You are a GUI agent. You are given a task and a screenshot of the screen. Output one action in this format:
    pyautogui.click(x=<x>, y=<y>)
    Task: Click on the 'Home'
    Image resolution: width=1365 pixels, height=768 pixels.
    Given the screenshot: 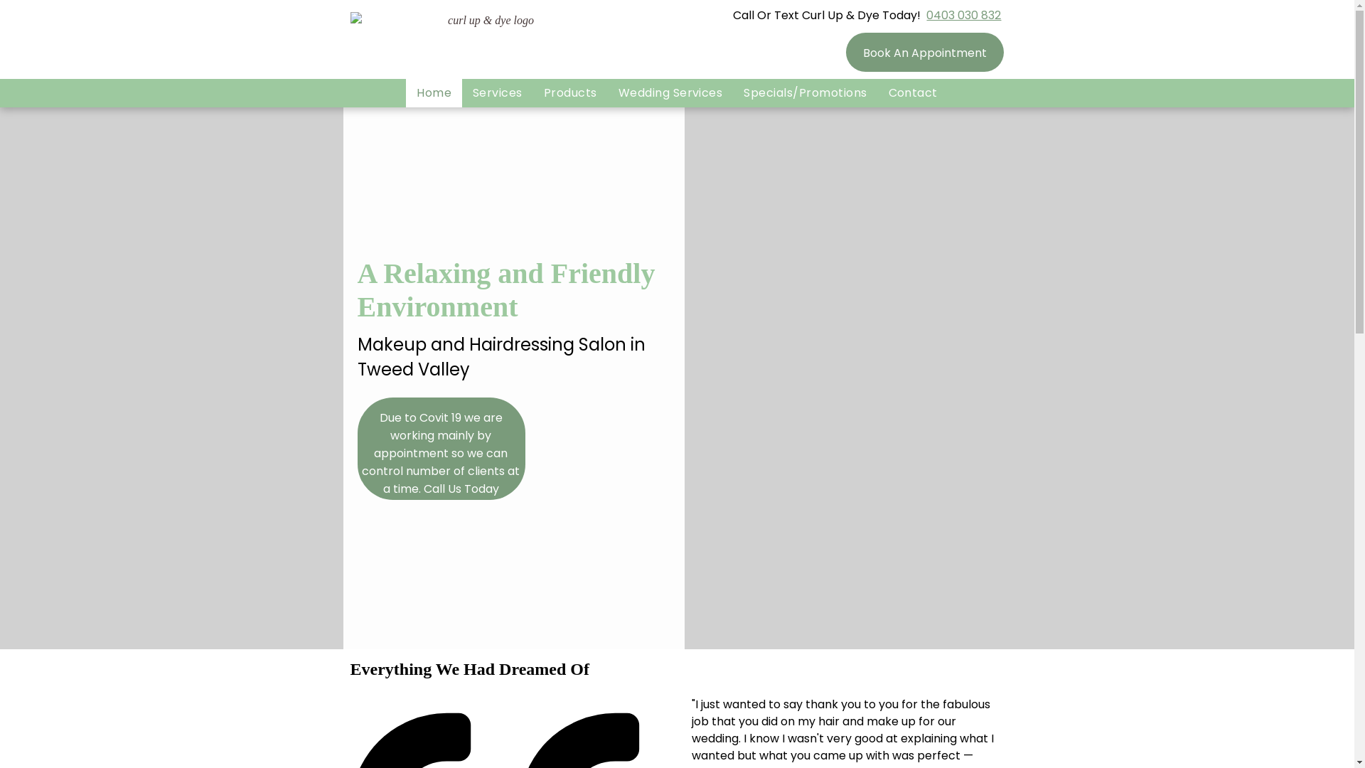 What is the action you would take?
    pyautogui.click(x=433, y=93)
    